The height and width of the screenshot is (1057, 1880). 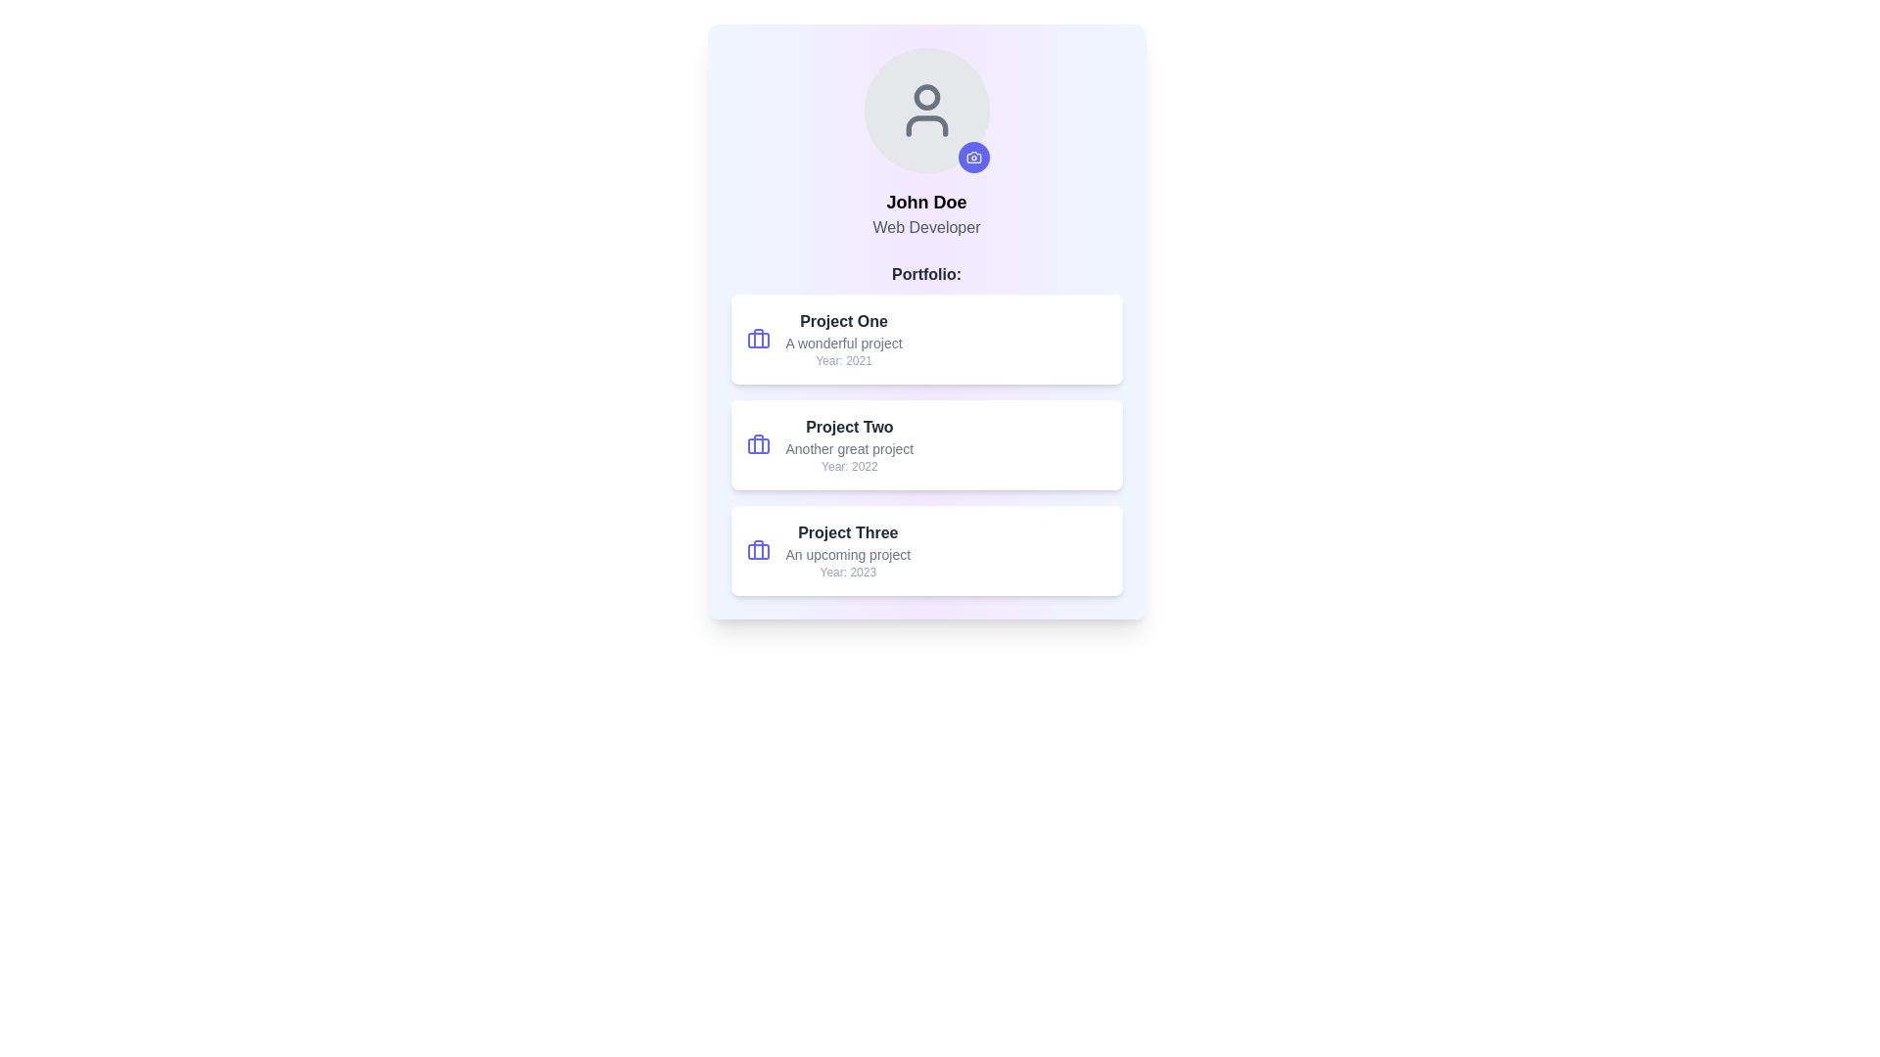 I want to click on the vertical line segment of the briefcase icon associated with 'Project One' in the project list, so click(x=757, y=338).